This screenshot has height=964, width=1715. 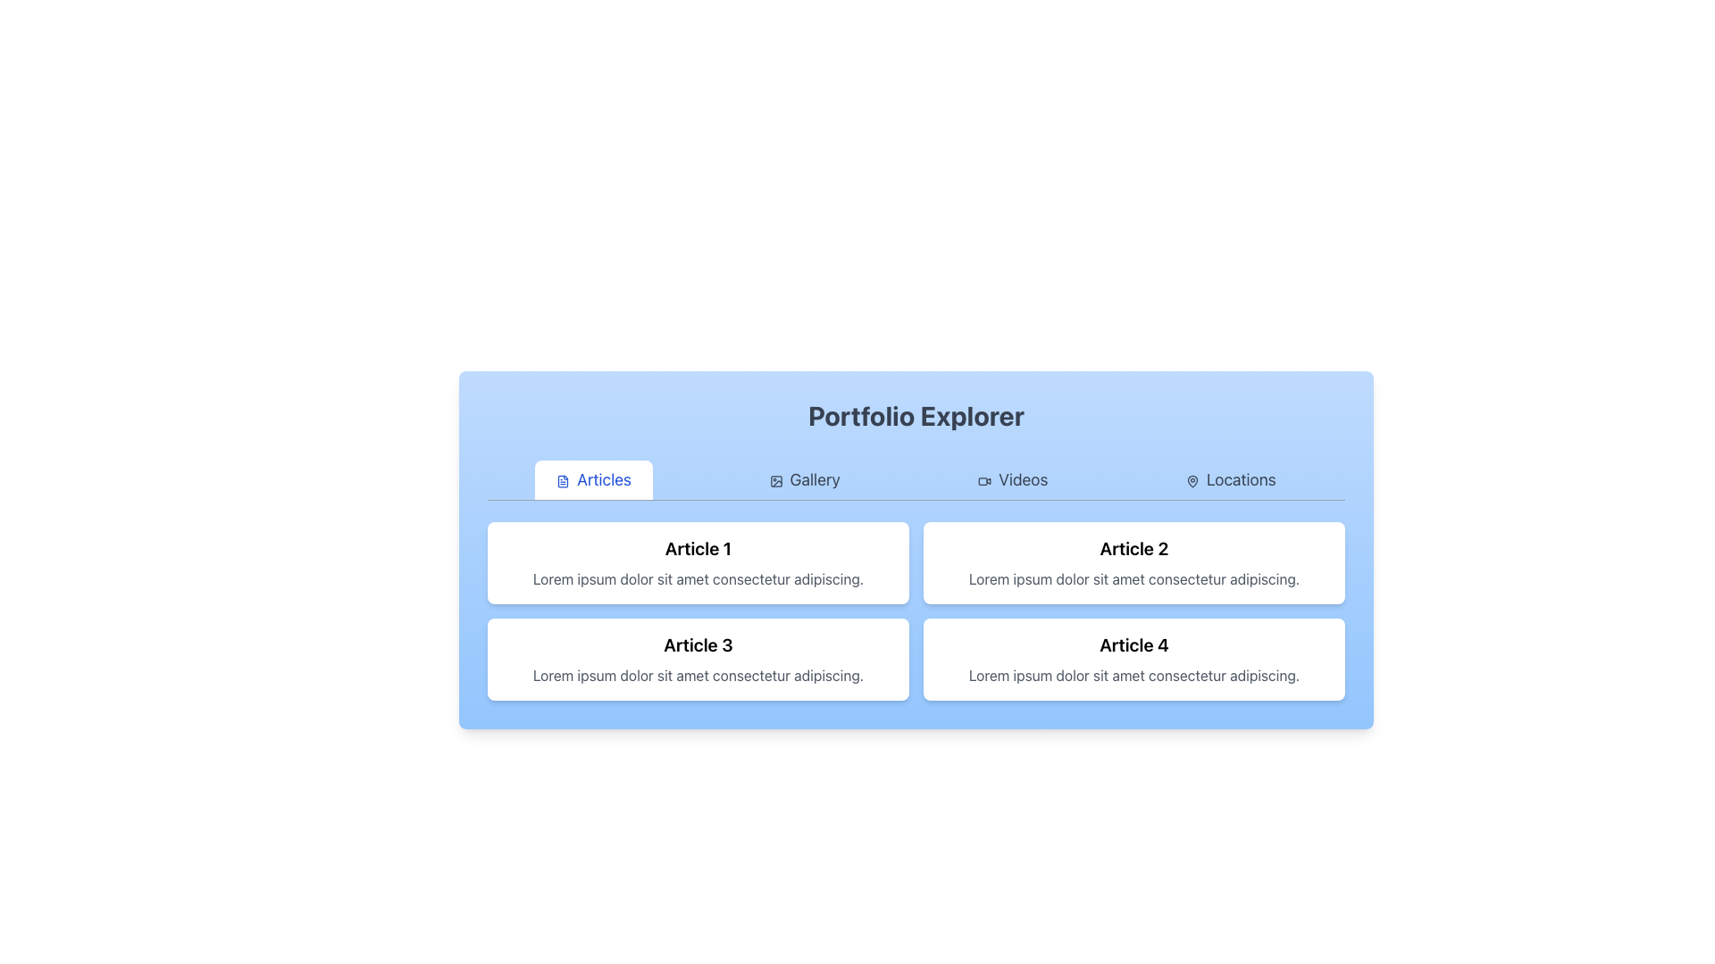 I want to click on the 'Videos' navigation tab in the horizontal navigation bar to switch to the Videos section of the application, so click(x=1013, y=478).